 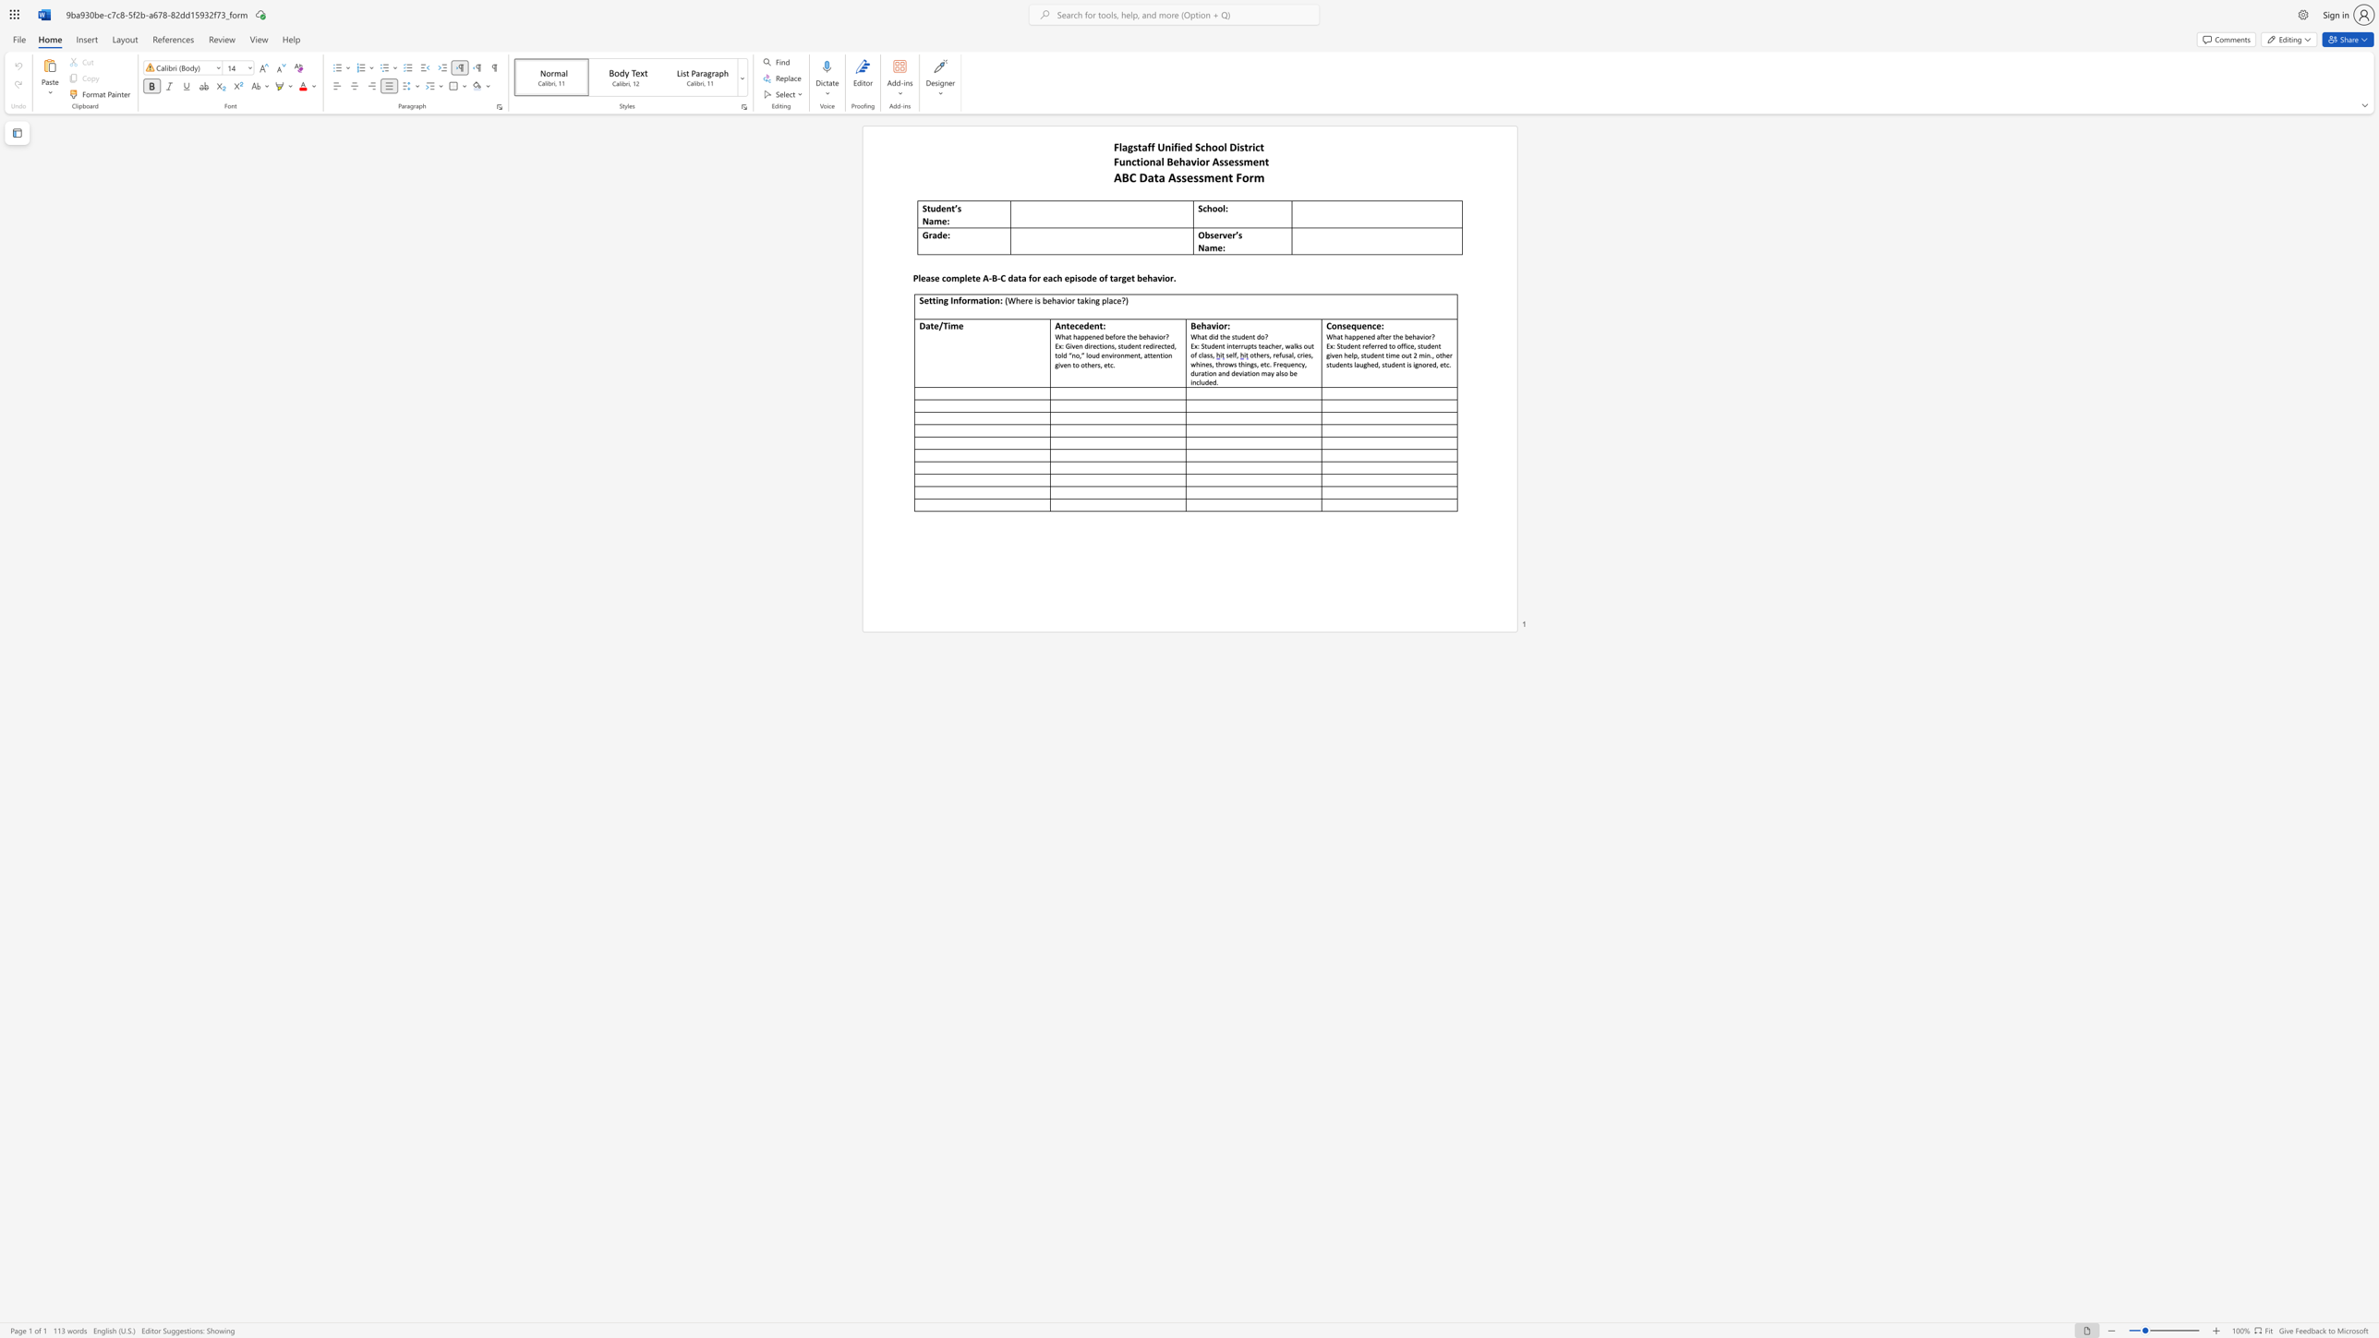 What do you see at coordinates (1241, 146) in the screenshot?
I see `the 2th character "s" in the text` at bounding box center [1241, 146].